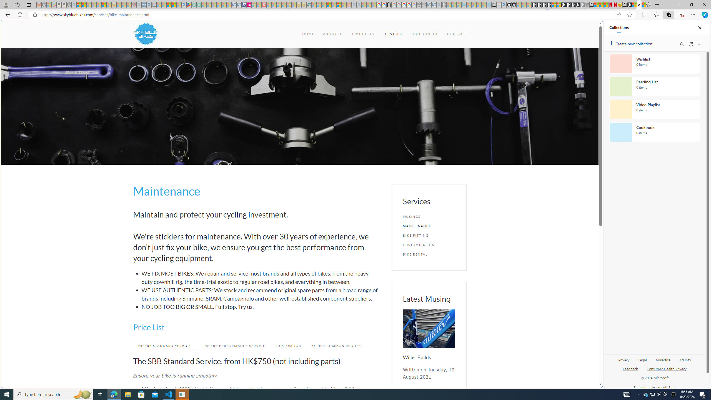 Image resolution: width=711 pixels, height=400 pixels. What do you see at coordinates (644, 14) in the screenshot?
I see `'Split screen'` at bounding box center [644, 14].